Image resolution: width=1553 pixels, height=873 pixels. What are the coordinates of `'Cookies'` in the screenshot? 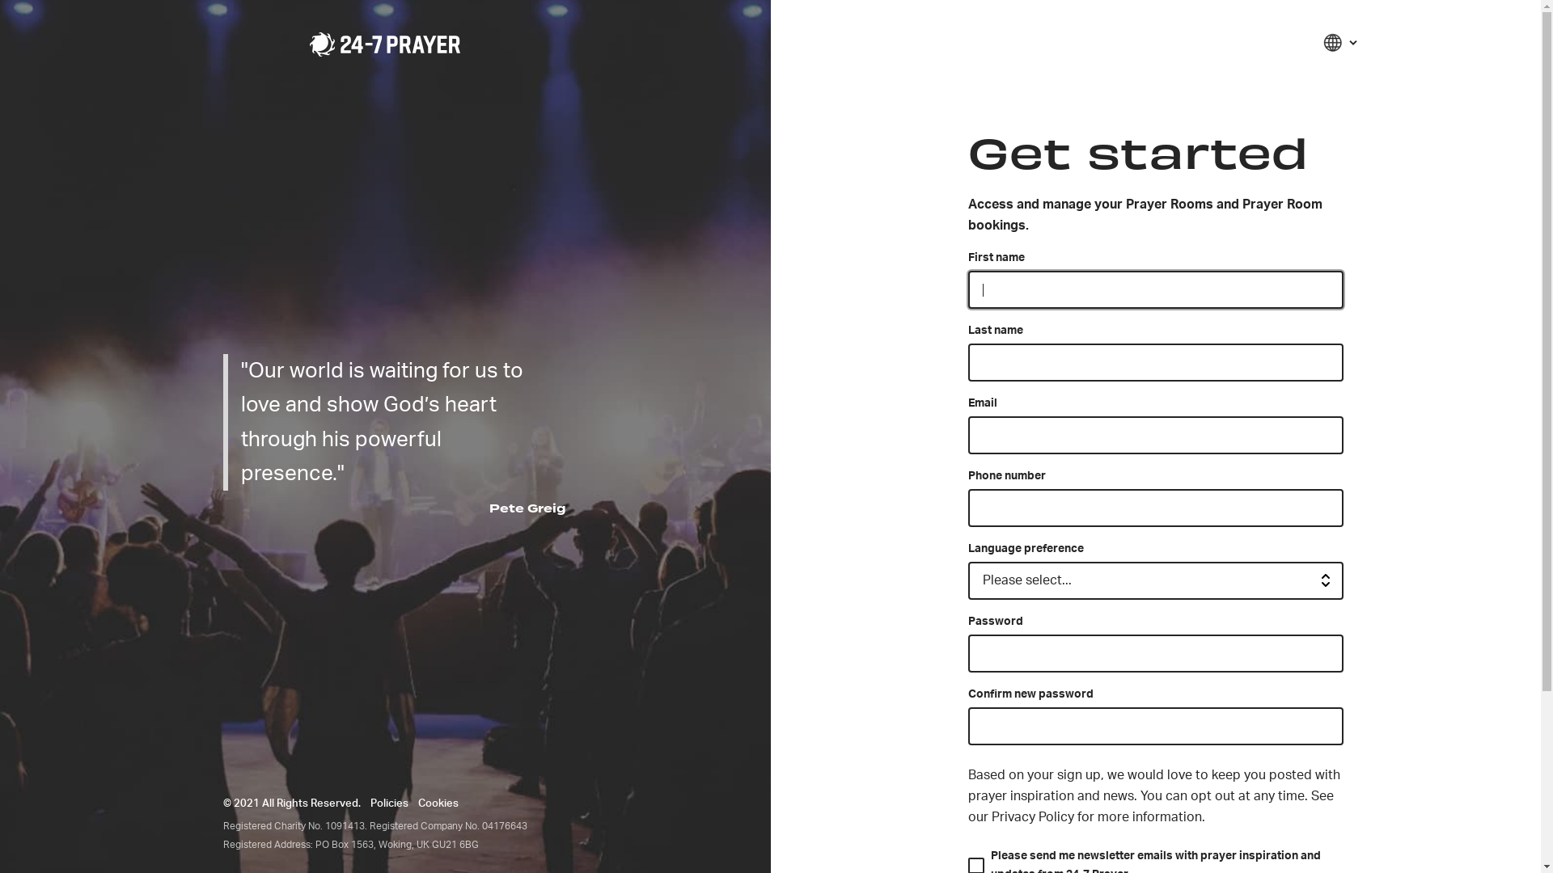 It's located at (418, 803).